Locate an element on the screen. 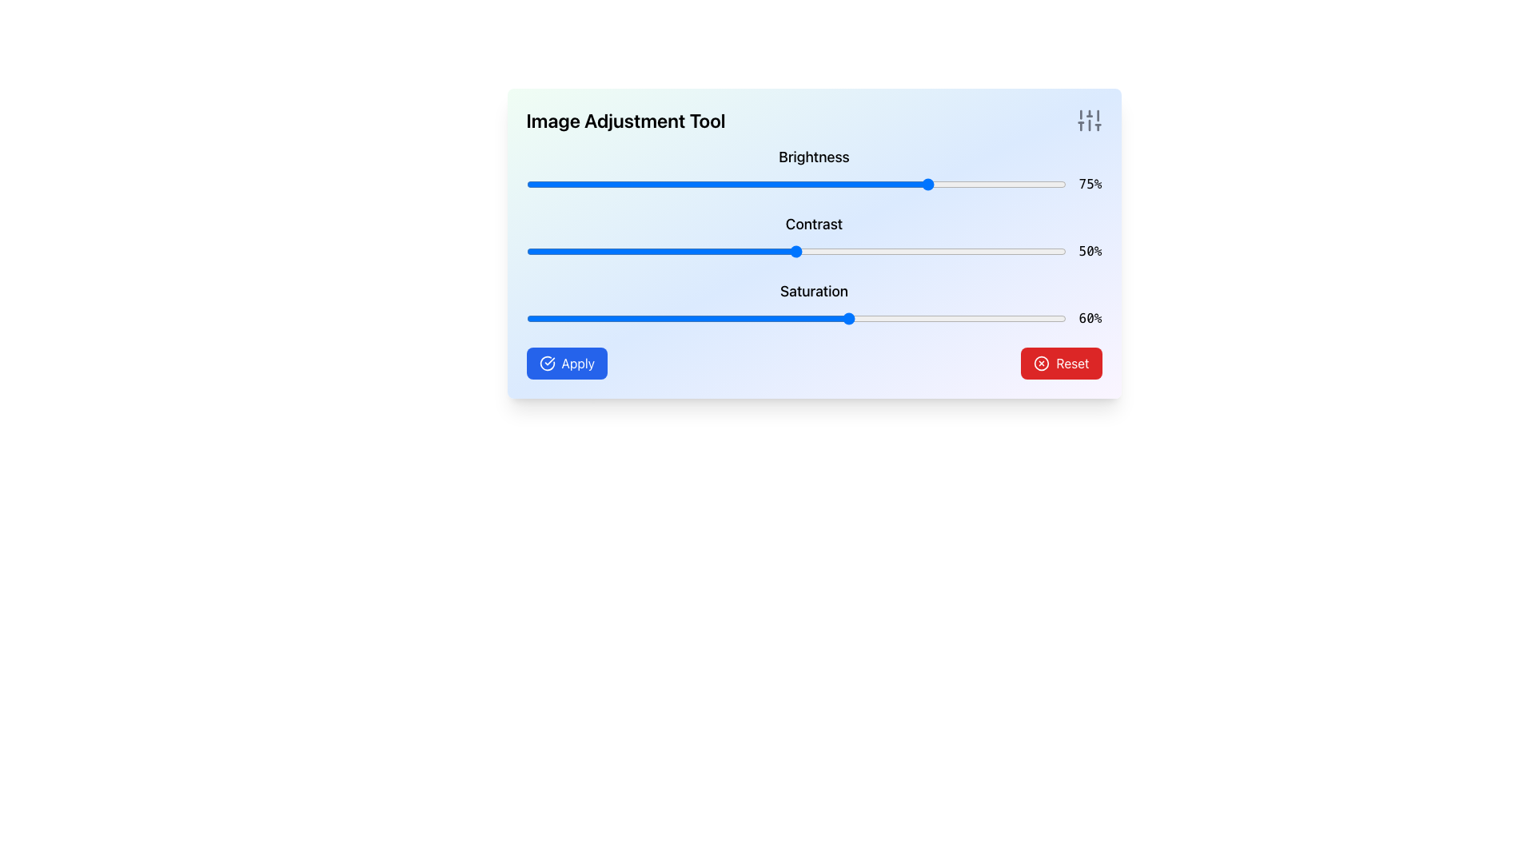 The height and width of the screenshot is (863, 1535). the brightness is located at coordinates (876, 184).